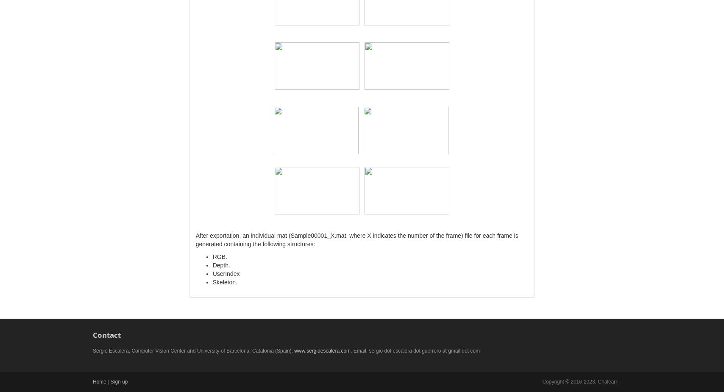 This screenshot has width=724, height=392. What do you see at coordinates (195, 239) in the screenshot?
I see `'After exportation, an individual mat (Sample00001_X.mat, where X indicates the number of the frame) file for each frame is generated containing the following structures:'` at bounding box center [195, 239].